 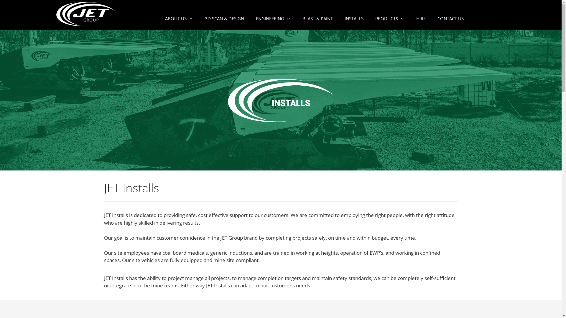 What do you see at coordinates (179, 18) in the screenshot?
I see `'ABOUT US'` at bounding box center [179, 18].